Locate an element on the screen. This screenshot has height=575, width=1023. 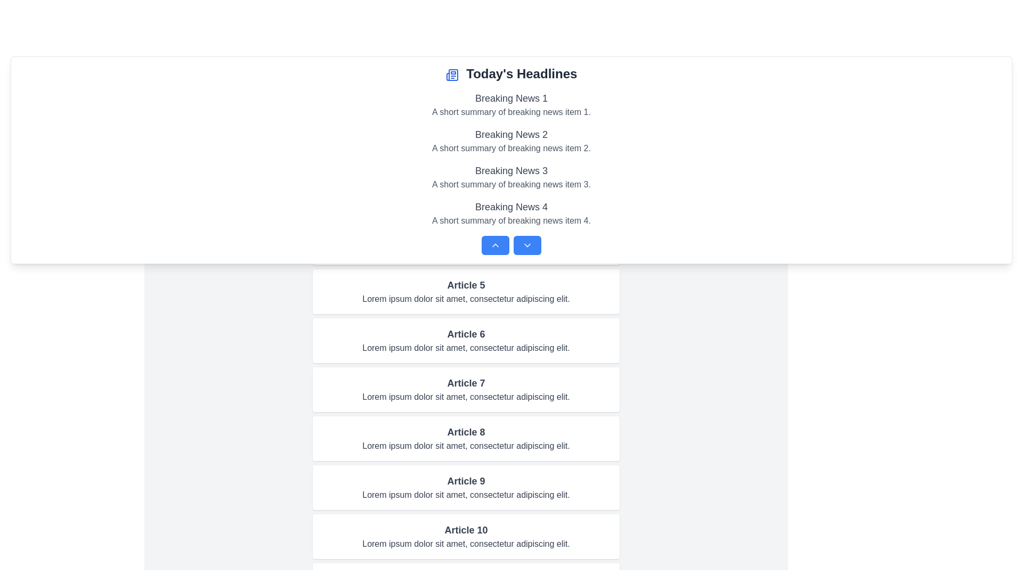
the first news item text block below the 'Today's Headlines' header is located at coordinates (511, 104).